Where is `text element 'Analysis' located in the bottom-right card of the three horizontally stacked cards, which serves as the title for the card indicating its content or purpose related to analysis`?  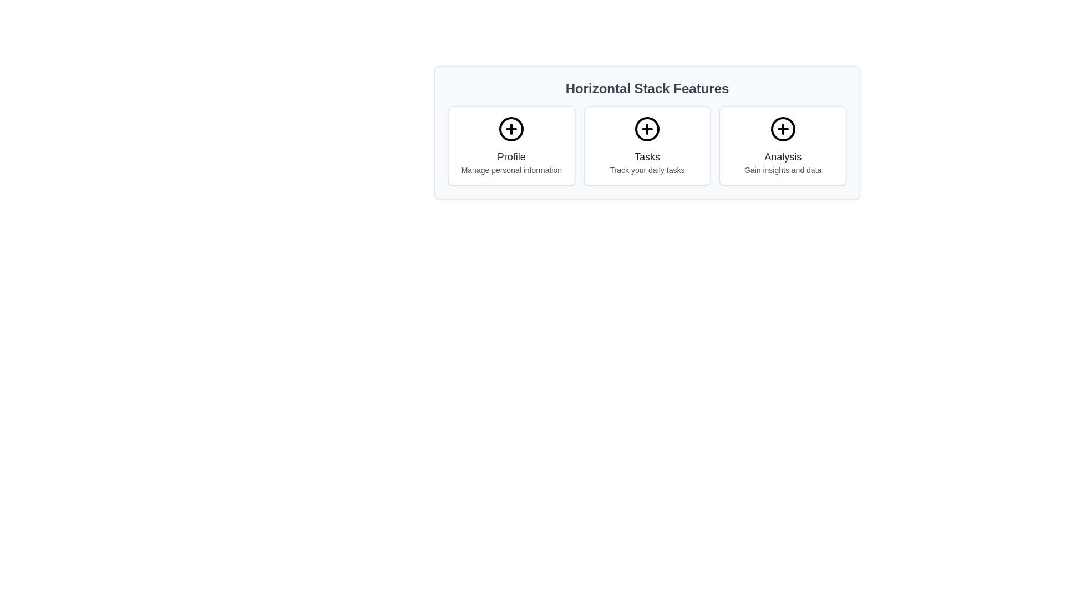 text element 'Analysis' located in the bottom-right card of the three horizontally stacked cards, which serves as the title for the card indicating its content or purpose related to analysis is located at coordinates (782, 156).